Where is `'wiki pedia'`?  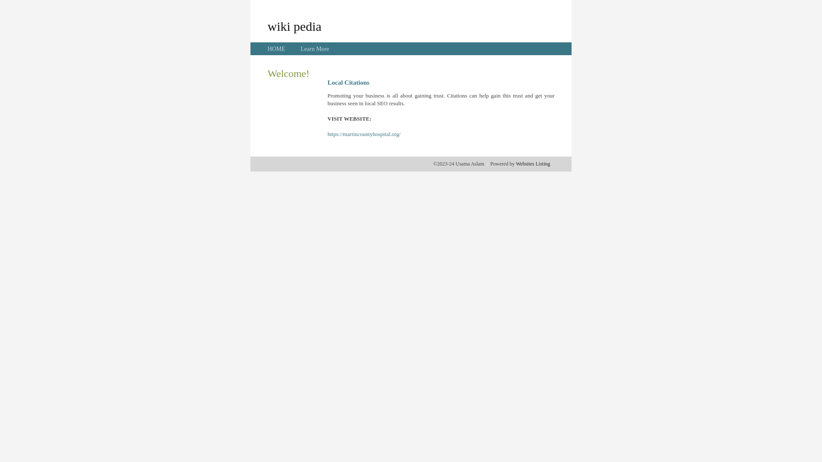 'wiki pedia' is located at coordinates (267, 26).